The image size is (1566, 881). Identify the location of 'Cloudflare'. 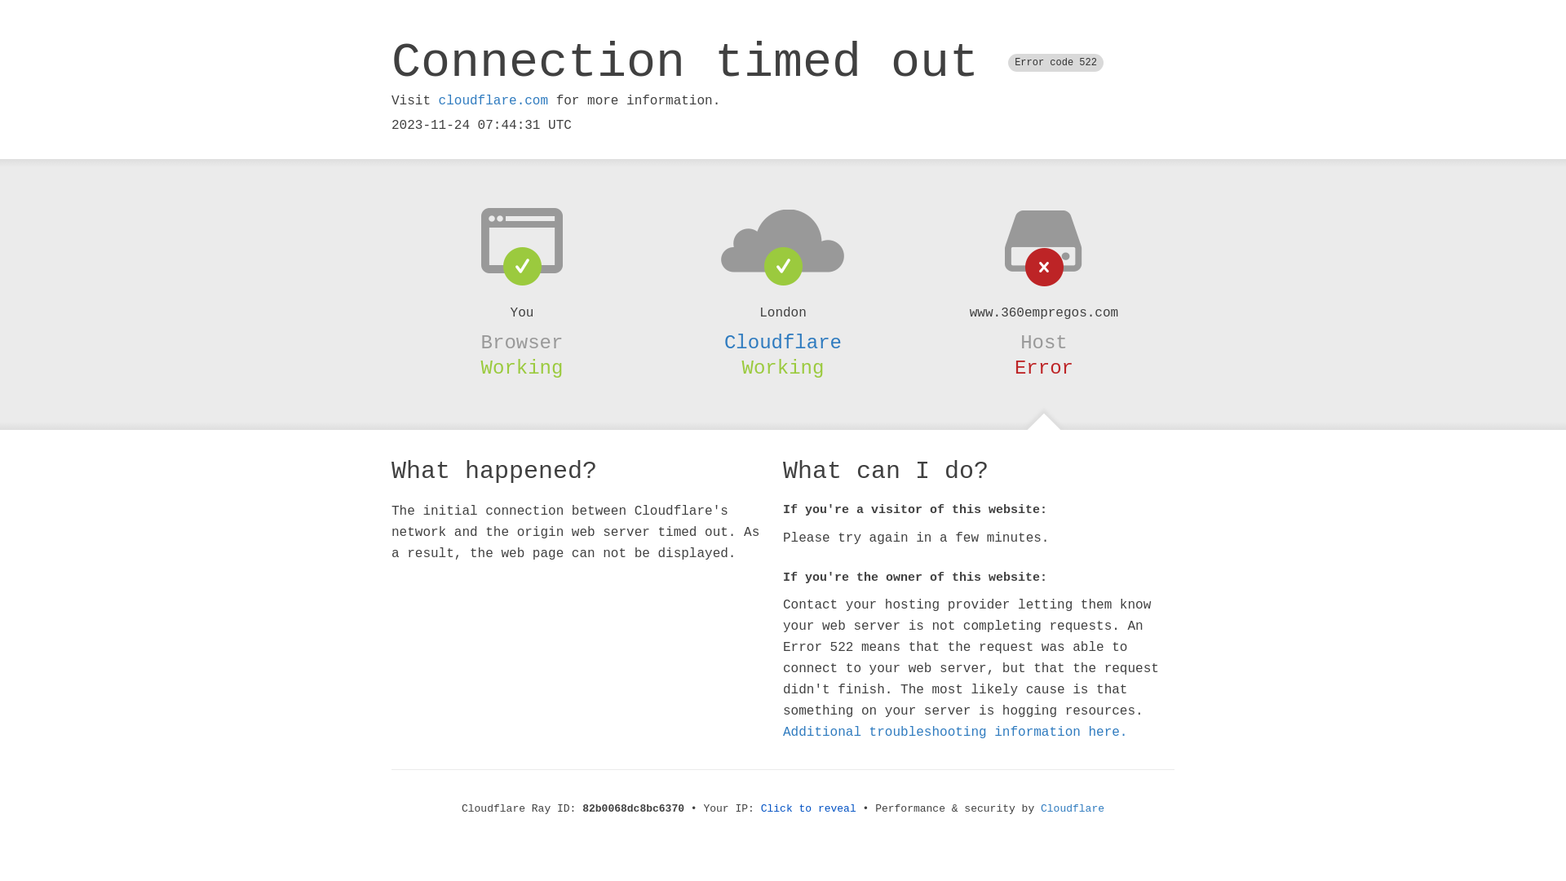
(783, 342).